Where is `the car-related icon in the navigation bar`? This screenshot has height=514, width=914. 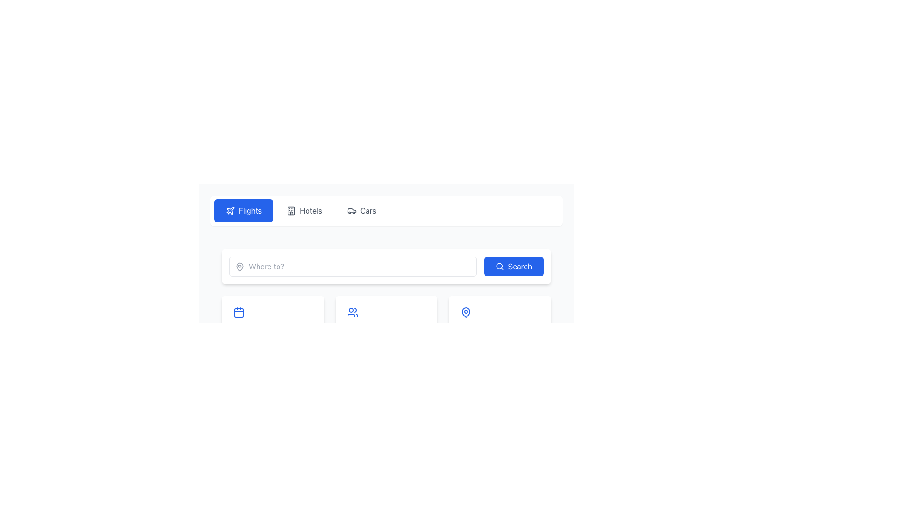 the car-related icon in the navigation bar is located at coordinates (351, 210).